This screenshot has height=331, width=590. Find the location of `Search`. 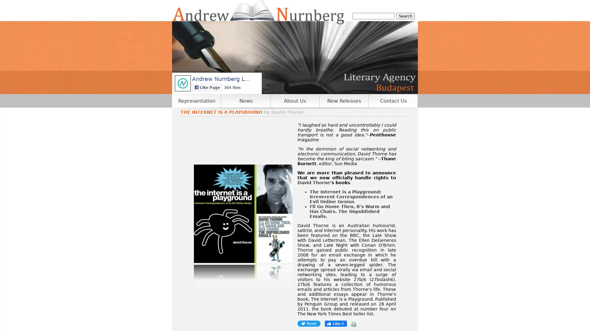

Search is located at coordinates (406, 16).